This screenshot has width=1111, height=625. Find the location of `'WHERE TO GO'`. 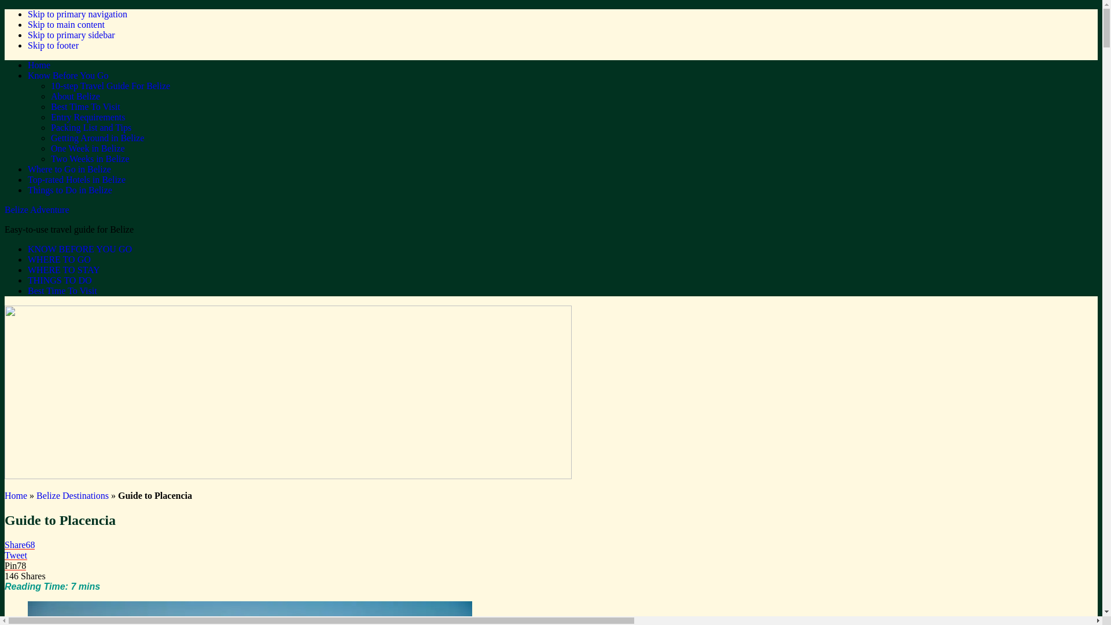

'WHERE TO GO' is located at coordinates (28, 259).